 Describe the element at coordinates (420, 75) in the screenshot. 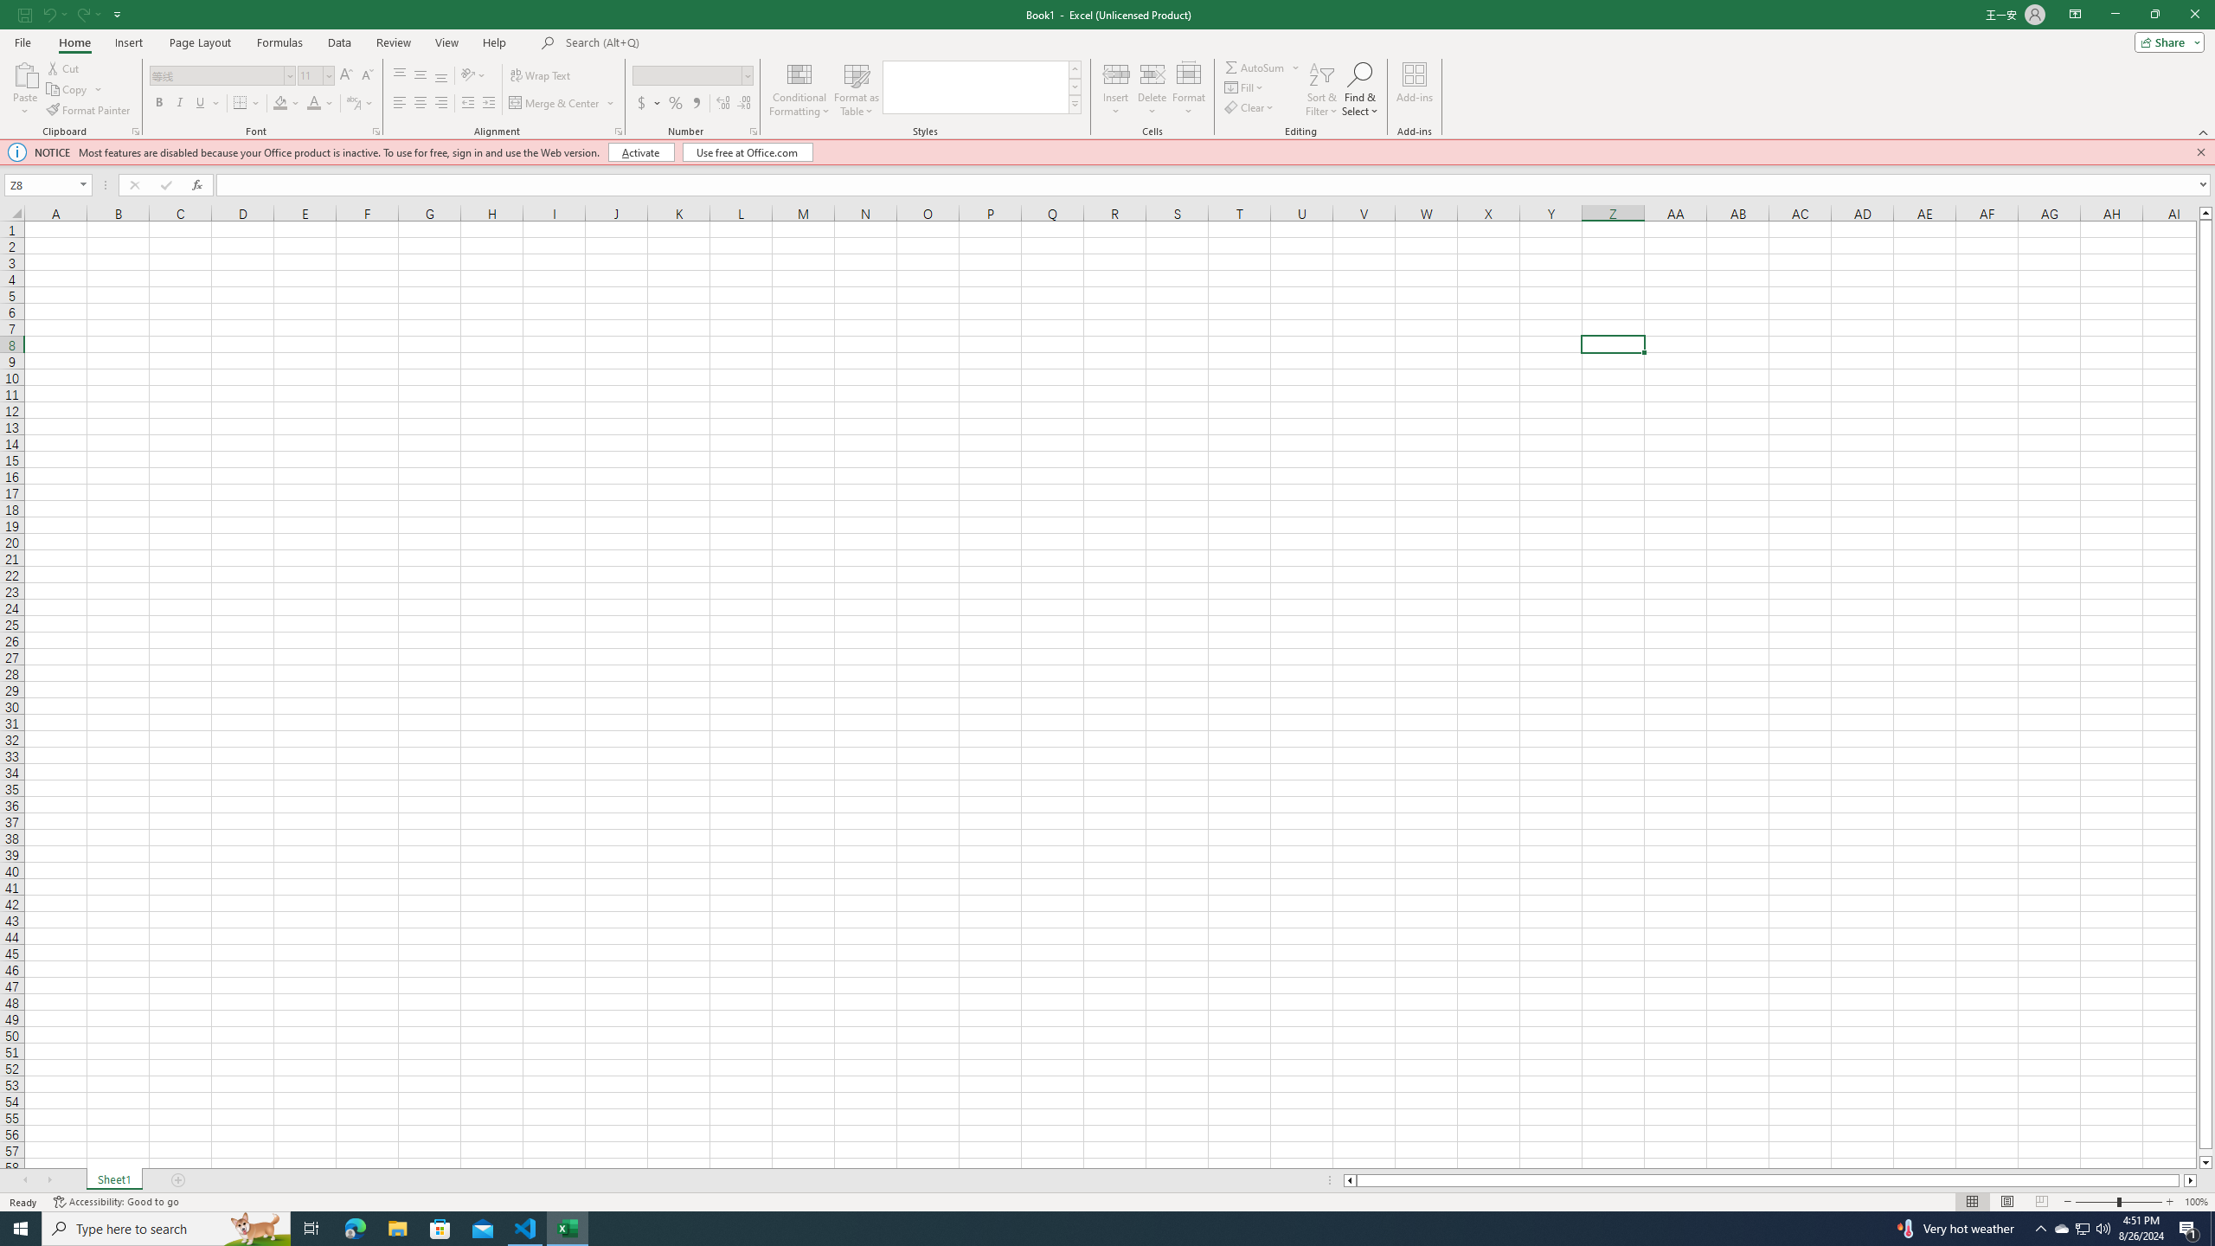

I see `'Middle Align'` at that location.